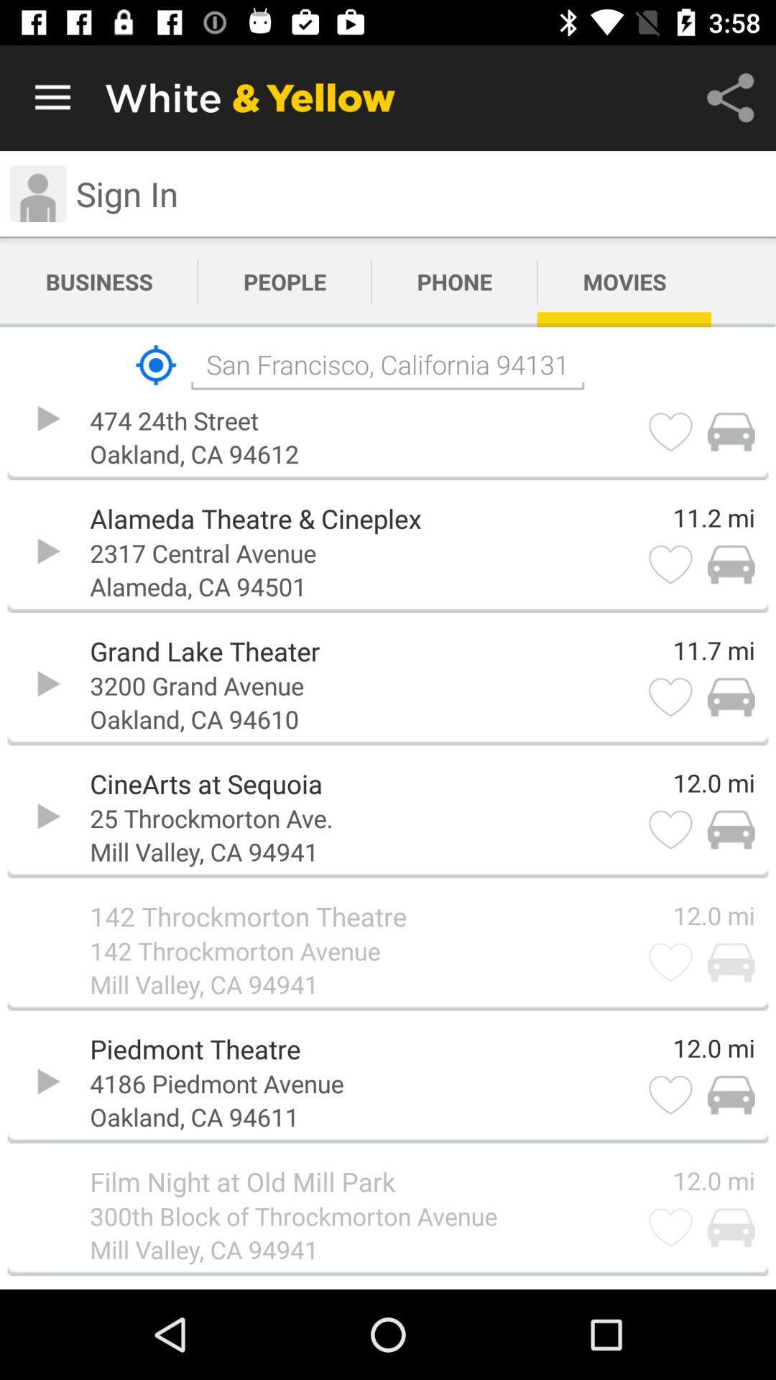 Image resolution: width=776 pixels, height=1380 pixels. What do you see at coordinates (98, 282) in the screenshot?
I see `the icon above san francisco california` at bounding box center [98, 282].